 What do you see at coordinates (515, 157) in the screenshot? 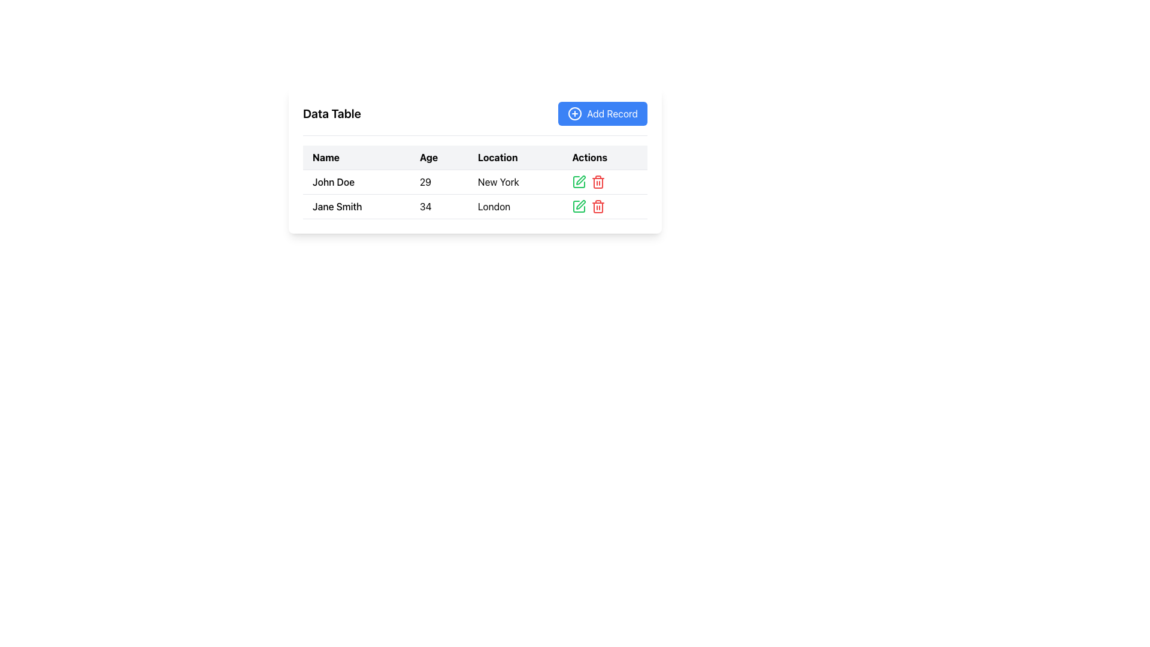
I see `the Header cell in the third column of the table, which indicates location information, positioned between the 'Age' and 'Actions' headers` at bounding box center [515, 157].